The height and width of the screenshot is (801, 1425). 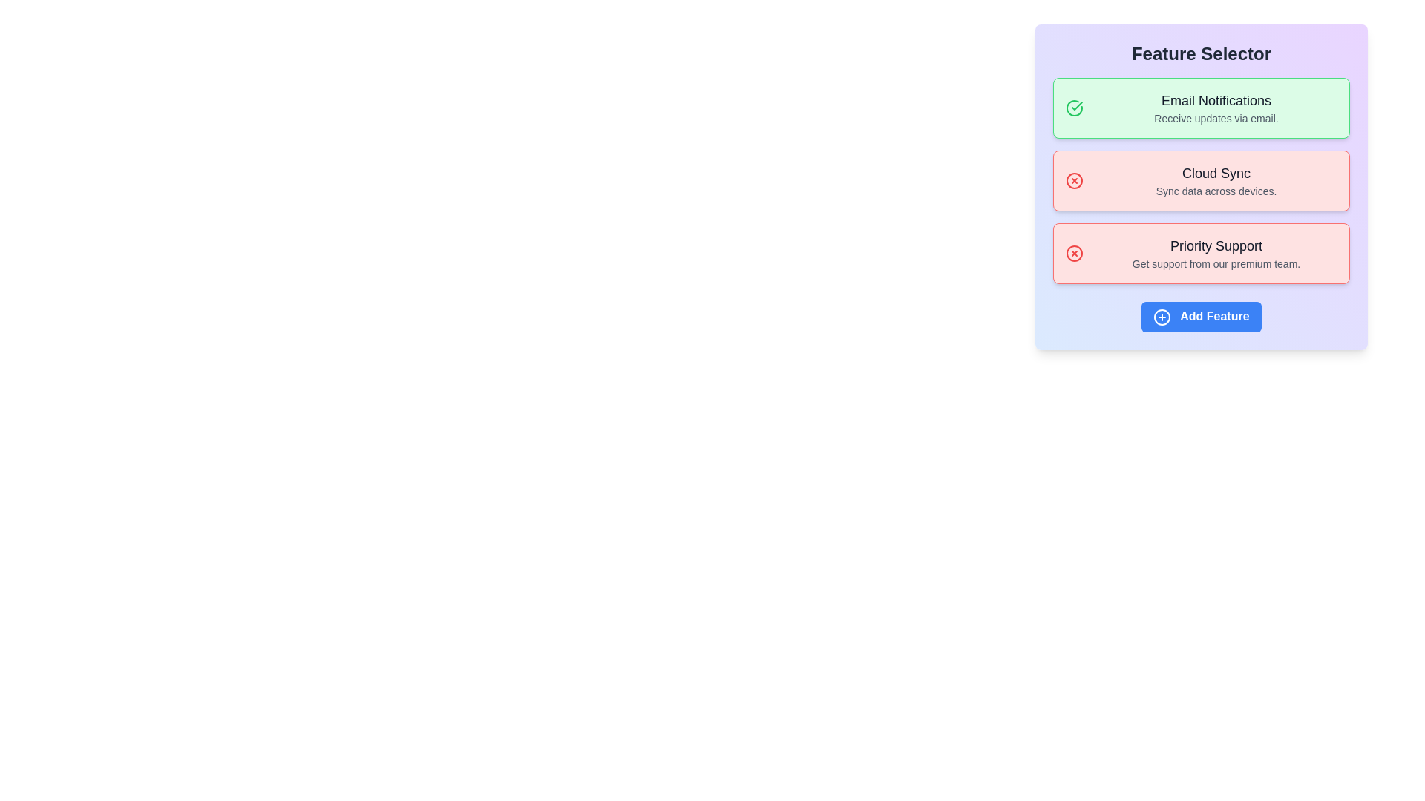 I want to click on the icon representing the action of adding a feature, which is centrally located within the blue 'Add Feature' button at the bottom of the feature selection panel, so click(x=1162, y=316).